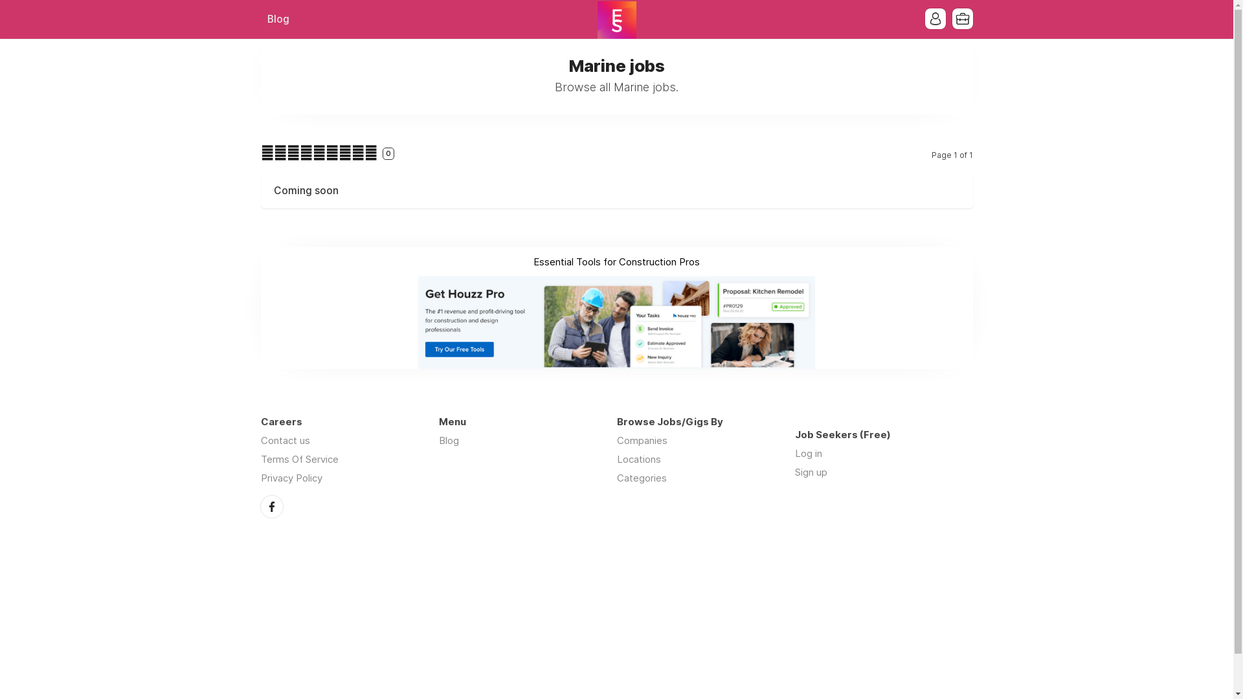  Describe the element at coordinates (449, 439) in the screenshot. I see `'Blog'` at that location.